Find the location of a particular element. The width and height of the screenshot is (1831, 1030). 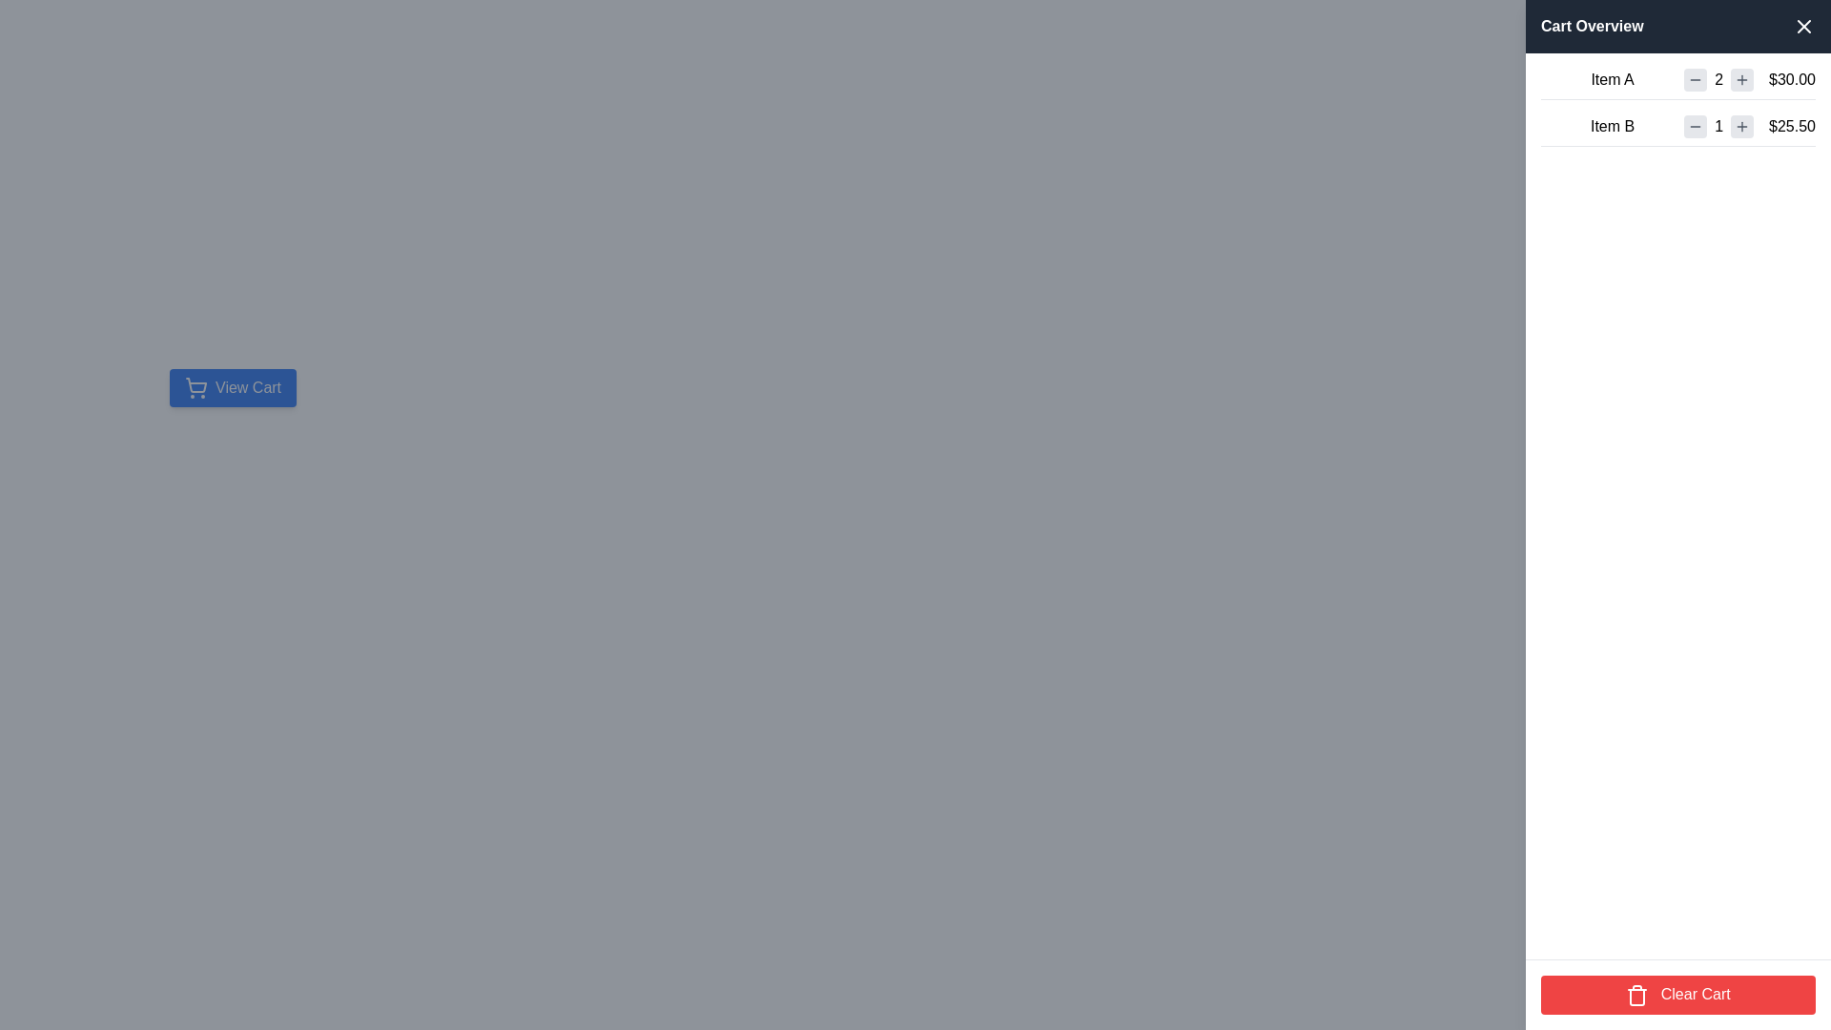

on the static text that displays the quantity of 'Item A' in the cart is located at coordinates (1718, 79).